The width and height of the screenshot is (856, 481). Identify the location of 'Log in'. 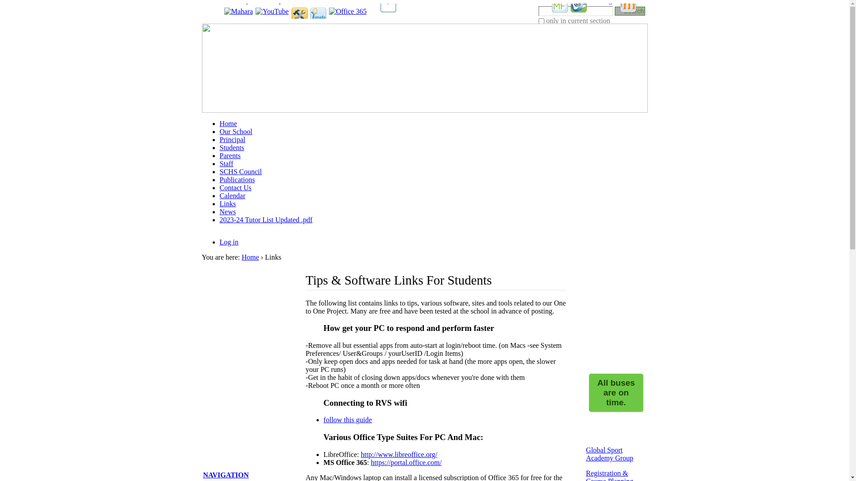
(219, 242).